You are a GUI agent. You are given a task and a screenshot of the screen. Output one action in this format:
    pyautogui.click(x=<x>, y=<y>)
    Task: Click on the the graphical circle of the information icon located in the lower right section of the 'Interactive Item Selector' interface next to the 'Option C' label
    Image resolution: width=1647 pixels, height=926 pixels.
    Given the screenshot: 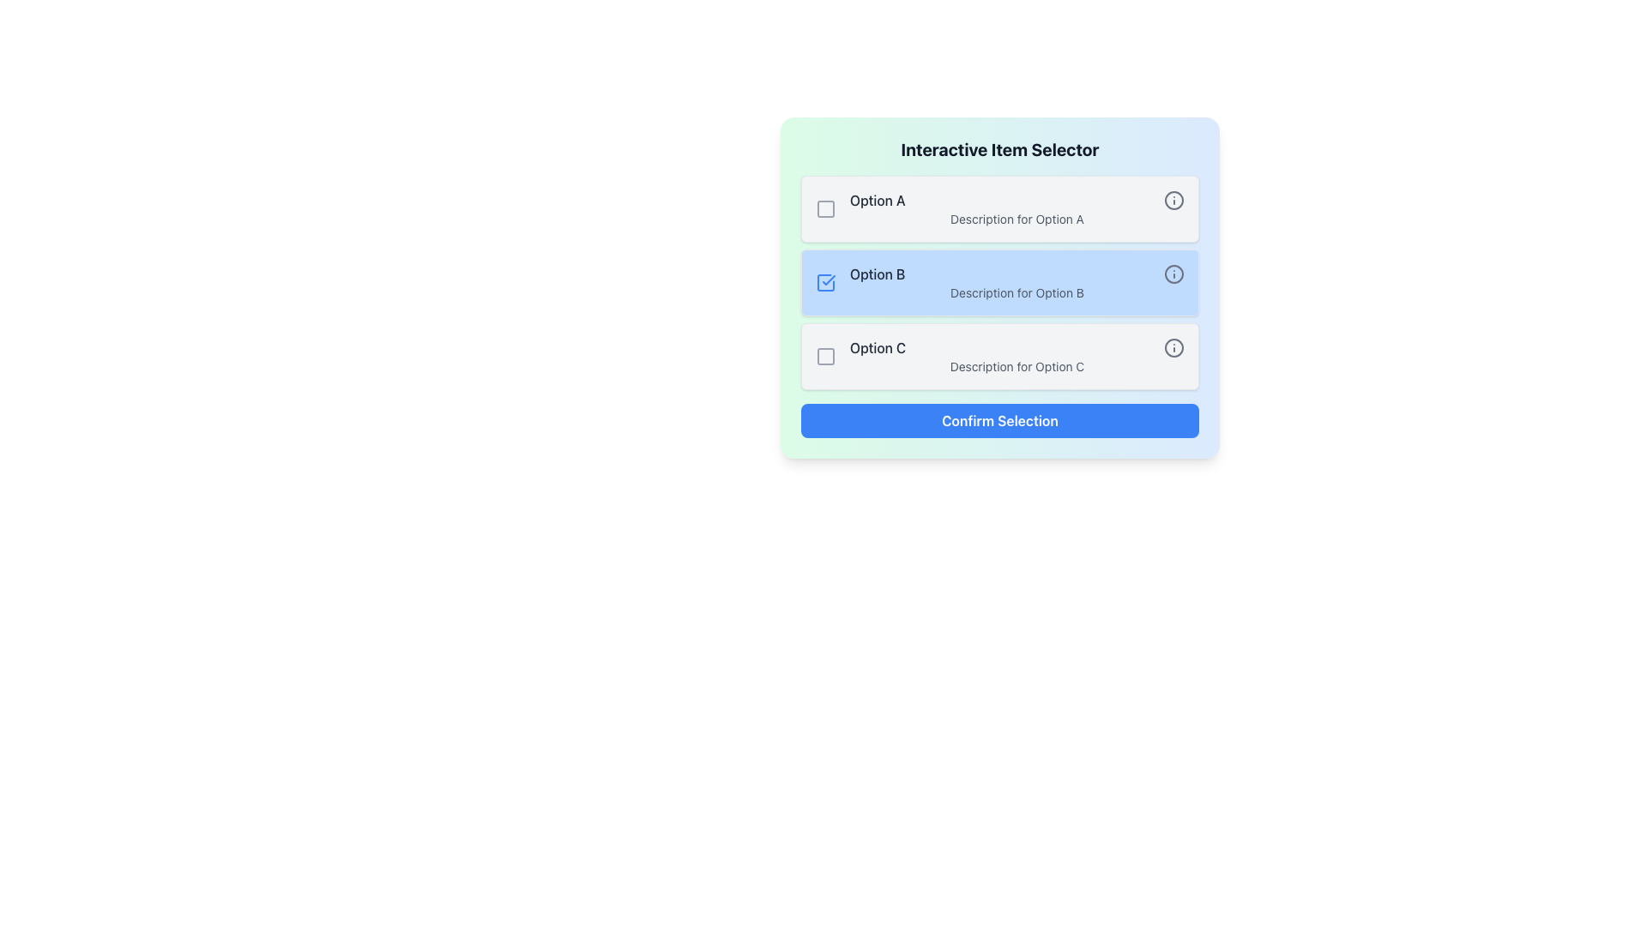 What is the action you would take?
    pyautogui.click(x=1173, y=347)
    